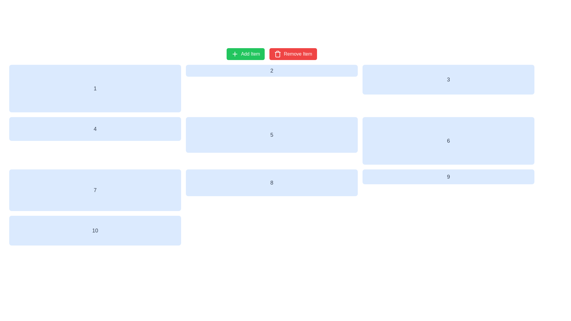 The image size is (571, 321). Describe the element at coordinates (235, 54) in the screenshot. I see `the plus icon displayed on the green 'Add Item' button, which is centrally aligned and located towards the left side of the button` at that location.